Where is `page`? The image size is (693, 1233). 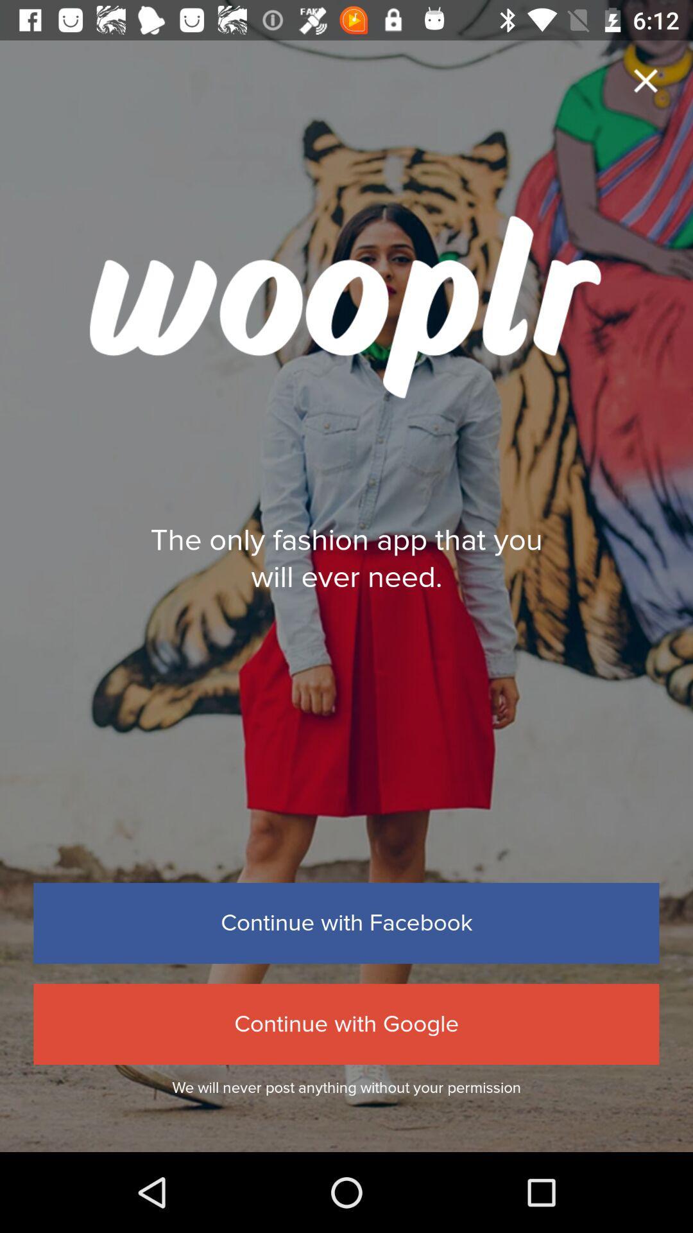
page is located at coordinates (646, 80).